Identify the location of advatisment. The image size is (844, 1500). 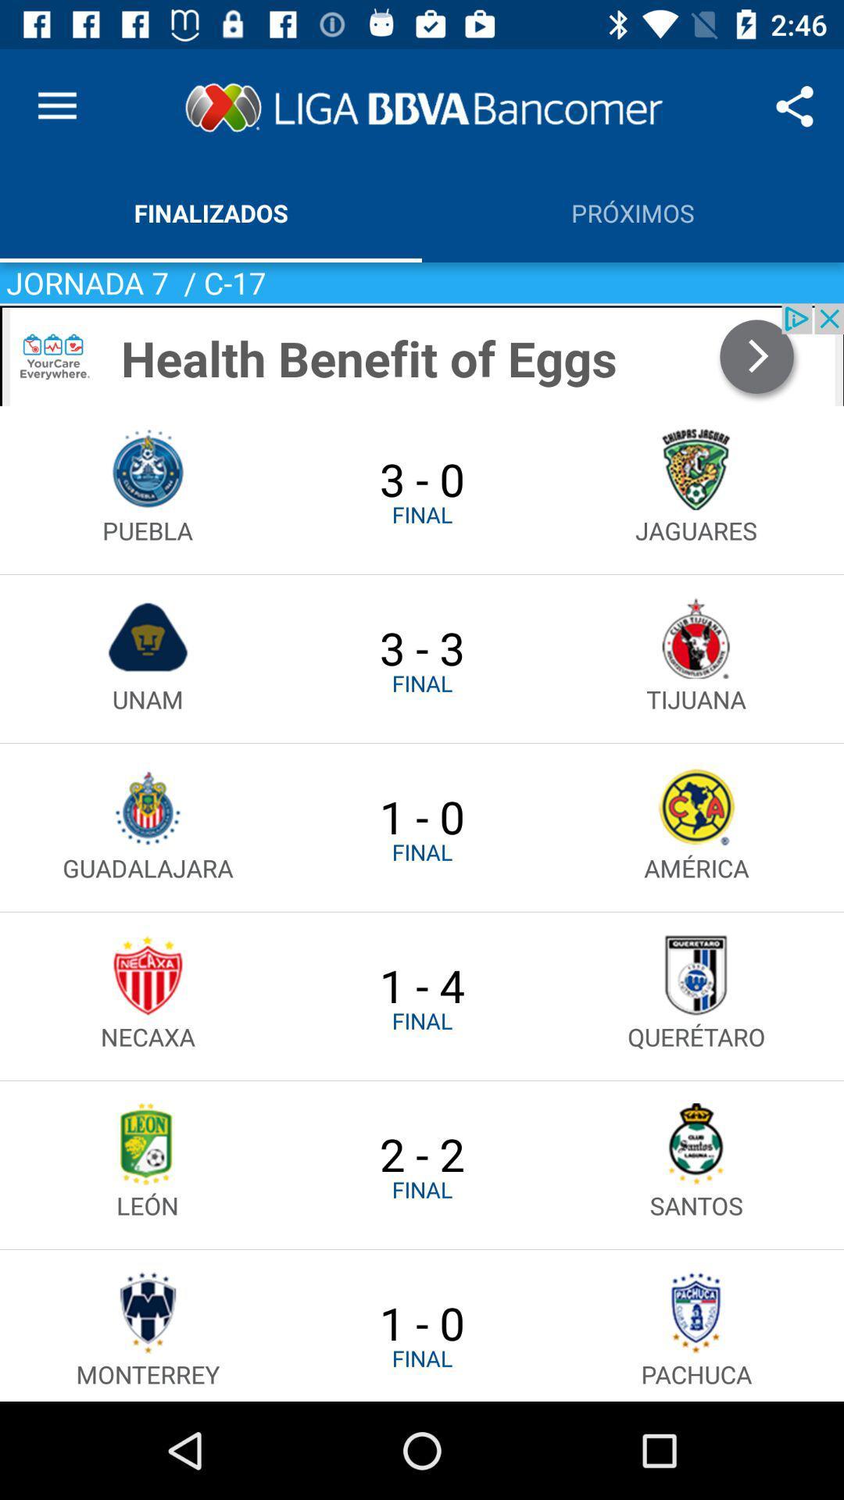
(422, 354).